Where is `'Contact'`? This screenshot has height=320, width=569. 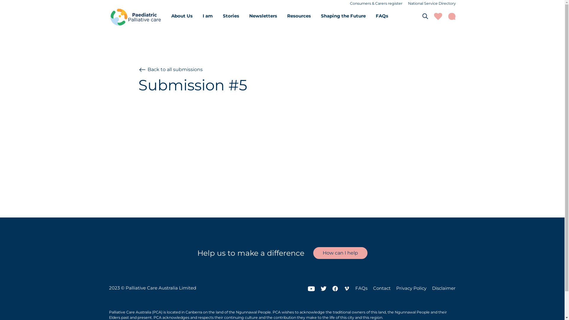 'Contact' is located at coordinates (382, 288).